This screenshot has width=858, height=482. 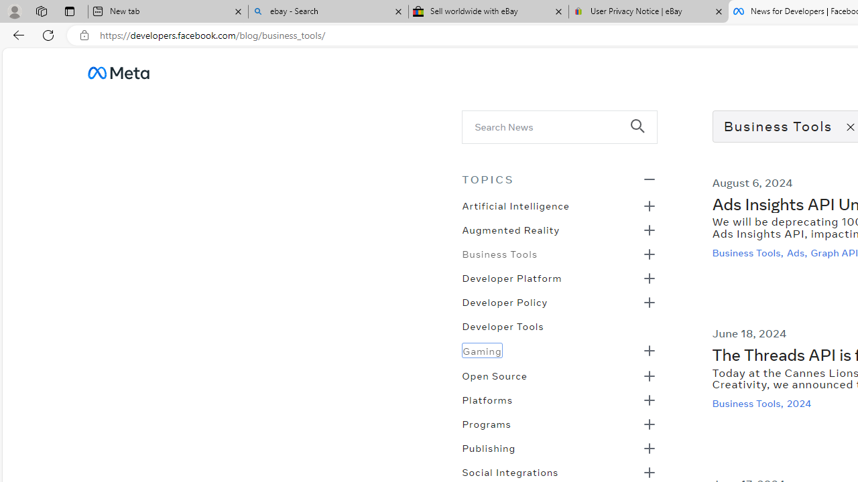 I want to click on 'Artificial Intelligence', so click(x=515, y=205).